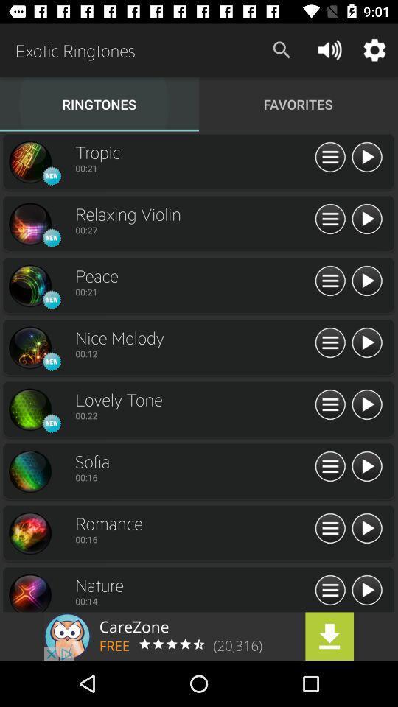  What do you see at coordinates (366, 343) in the screenshot?
I see `play` at bounding box center [366, 343].